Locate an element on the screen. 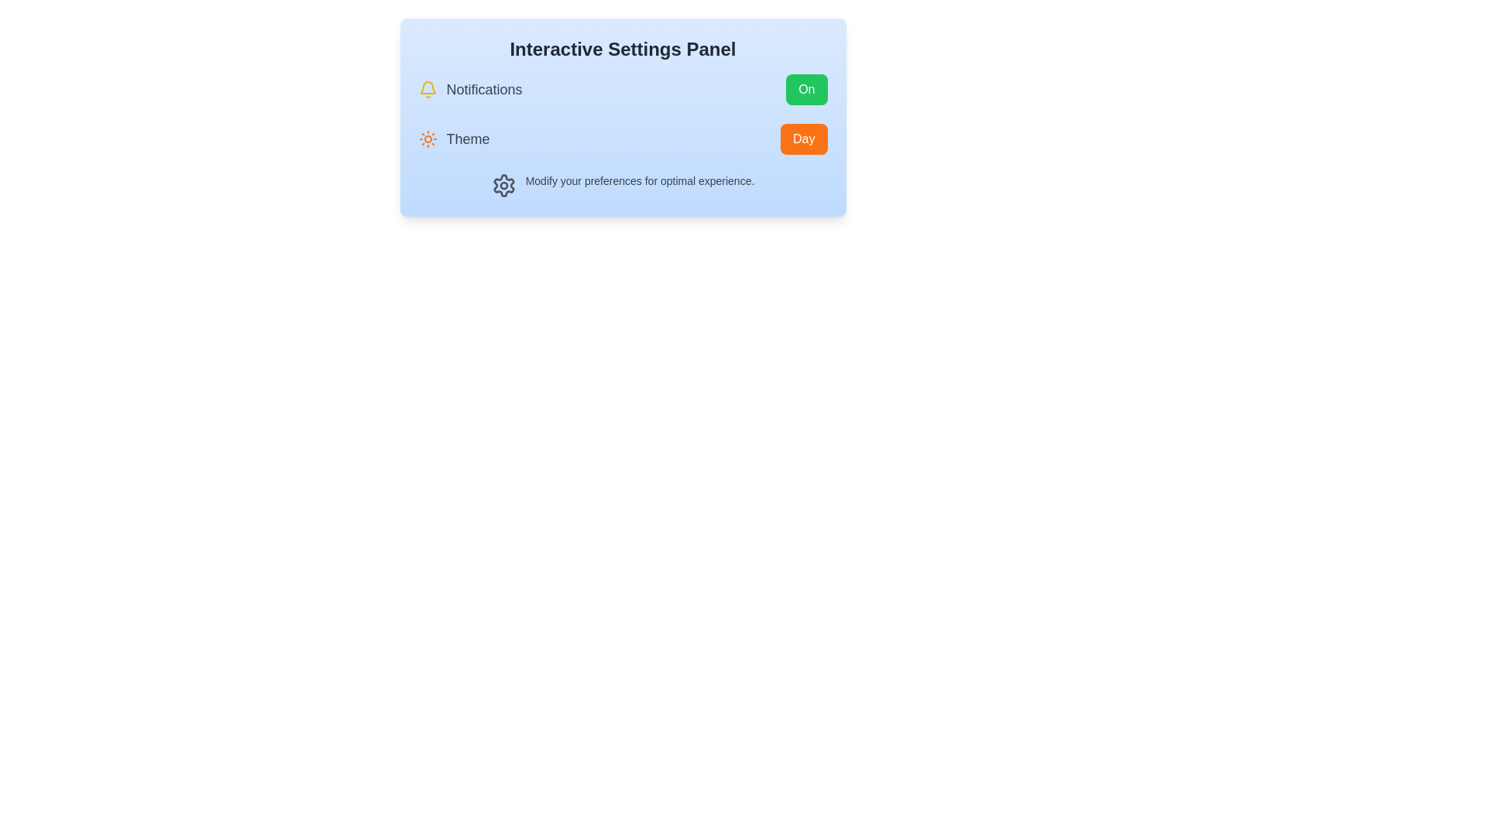  informational text that states 'Modify your preferences for optimal experience', which is located below the 'Notifications' and 'Theme' settings and features a gear icon on the left is located at coordinates (623, 184).